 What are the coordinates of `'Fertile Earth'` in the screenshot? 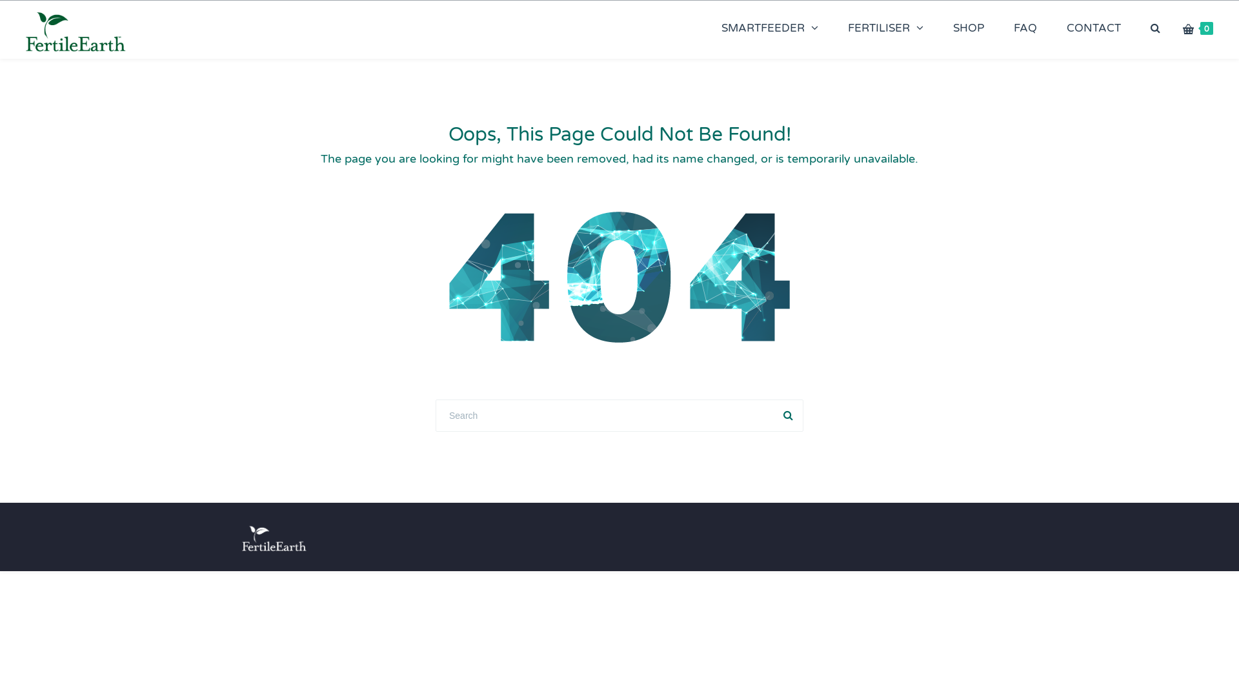 It's located at (75, 29).